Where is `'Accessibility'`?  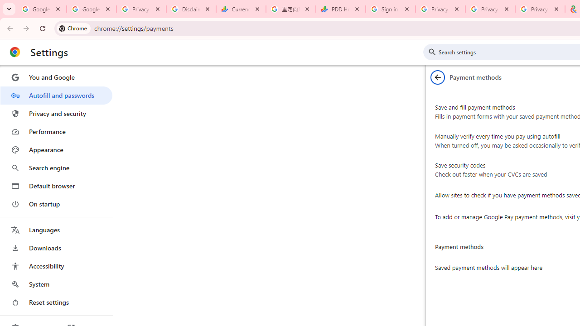 'Accessibility' is located at coordinates (56, 265).